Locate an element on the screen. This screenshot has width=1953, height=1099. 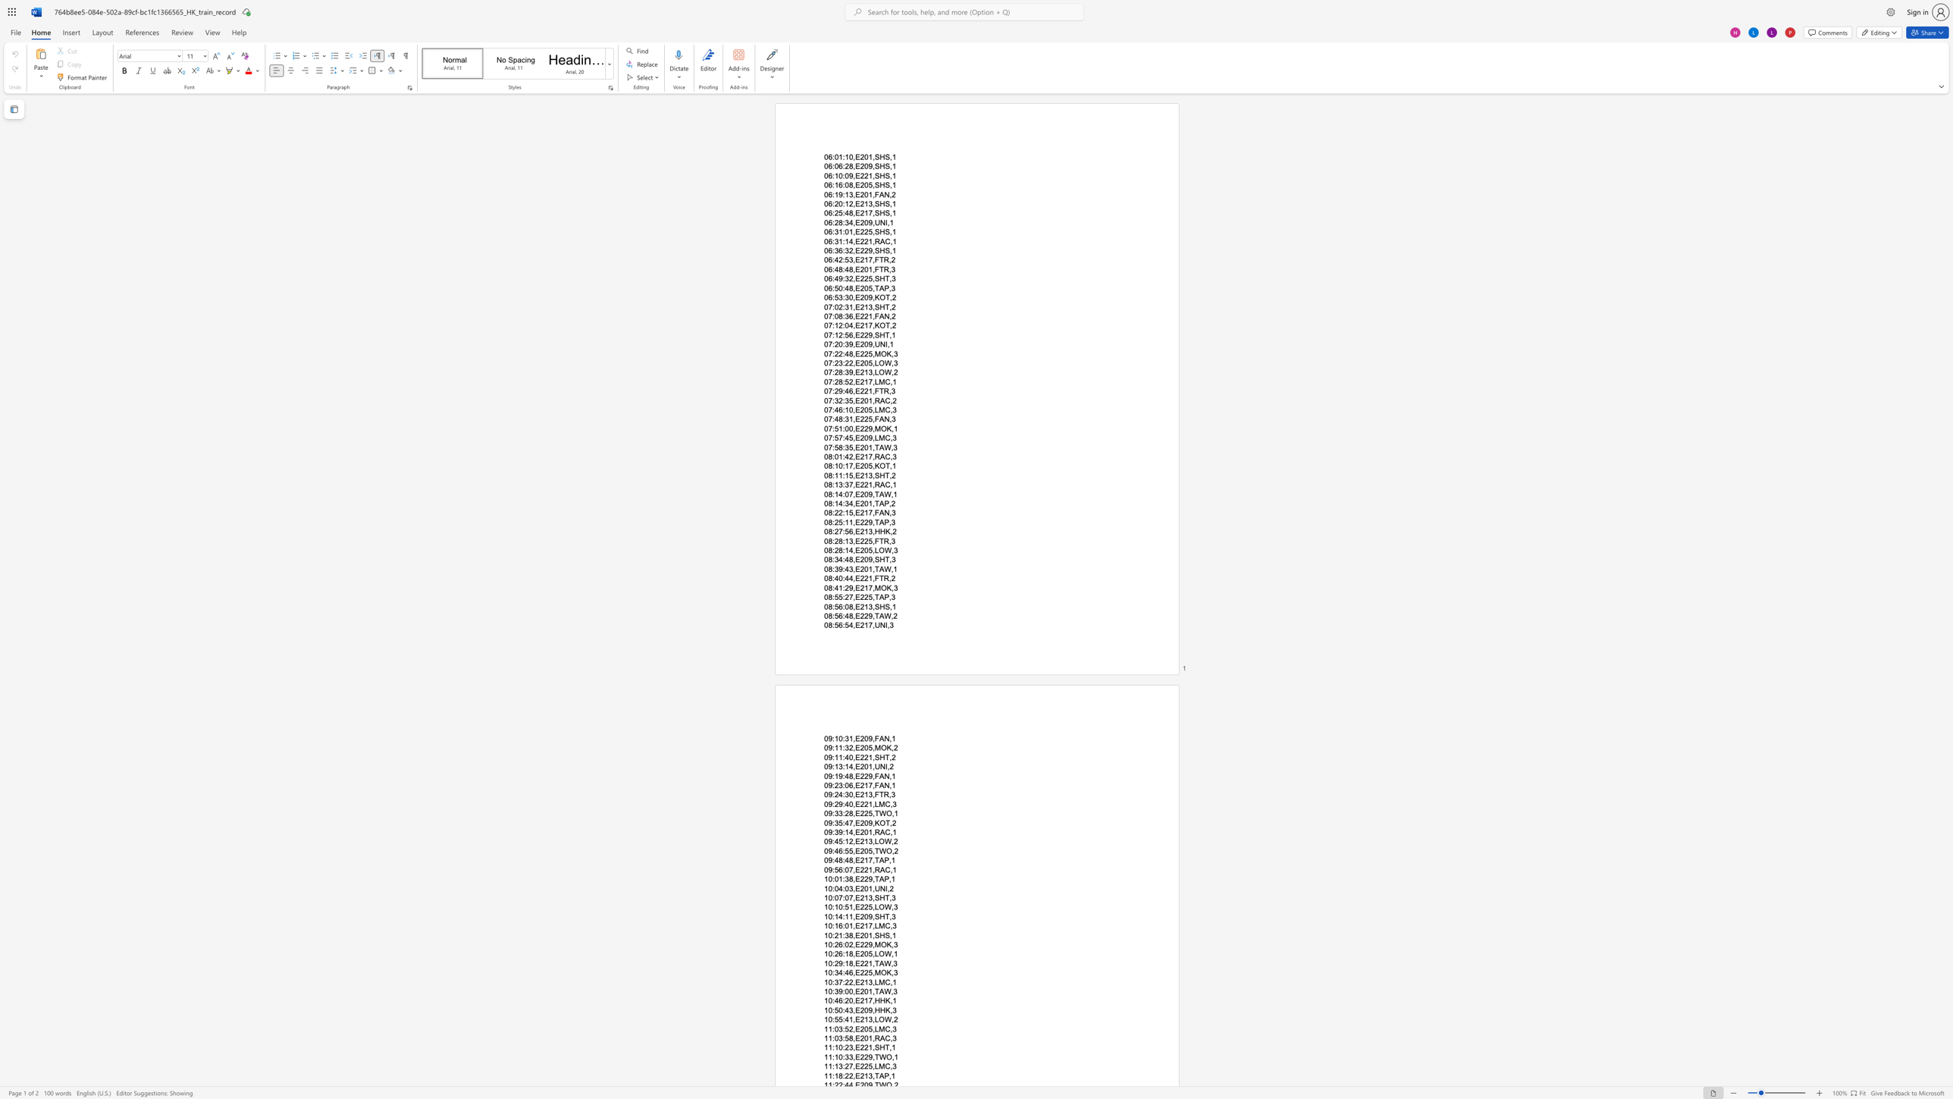
the subset text "E225,MO" within the text "10:34:46,E225,MOK,3" is located at coordinates (854, 972).